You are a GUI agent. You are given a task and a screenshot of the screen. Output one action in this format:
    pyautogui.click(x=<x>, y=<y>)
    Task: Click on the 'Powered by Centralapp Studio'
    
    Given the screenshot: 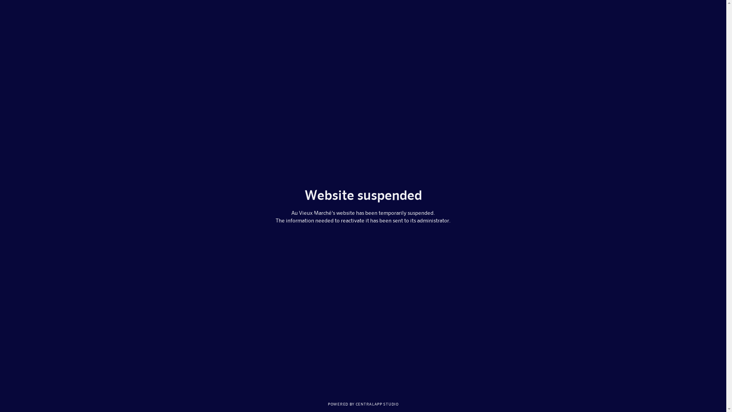 What is the action you would take?
    pyautogui.click(x=363, y=403)
    